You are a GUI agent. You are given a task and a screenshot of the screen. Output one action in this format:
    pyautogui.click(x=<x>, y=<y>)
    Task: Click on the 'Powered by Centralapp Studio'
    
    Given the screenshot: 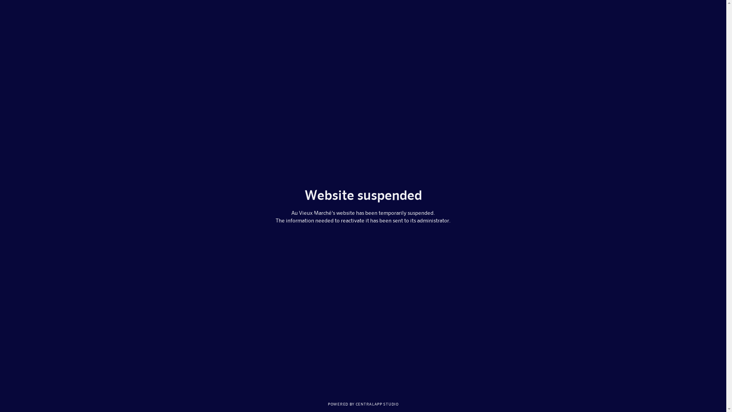 What is the action you would take?
    pyautogui.click(x=363, y=403)
    